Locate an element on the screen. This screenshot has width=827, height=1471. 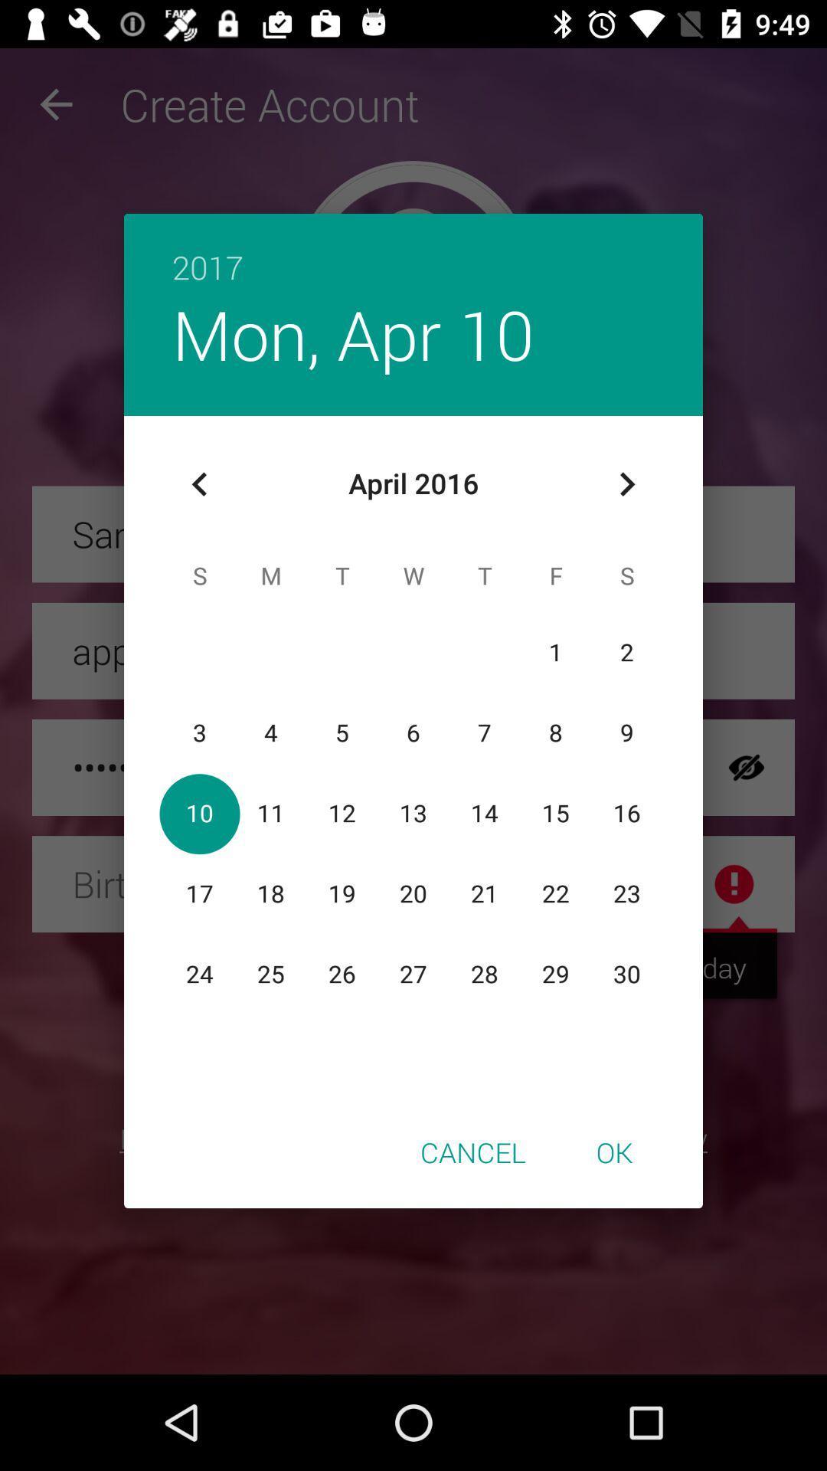
the icon below the 2017 item is located at coordinates (353, 333).